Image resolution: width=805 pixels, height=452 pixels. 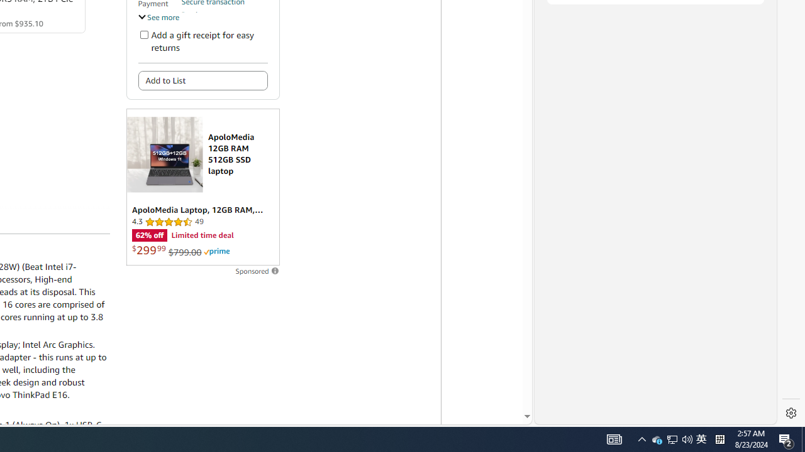 What do you see at coordinates (216, 252) in the screenshot?
I see `'Prime'` at bounding box center [216, 252].